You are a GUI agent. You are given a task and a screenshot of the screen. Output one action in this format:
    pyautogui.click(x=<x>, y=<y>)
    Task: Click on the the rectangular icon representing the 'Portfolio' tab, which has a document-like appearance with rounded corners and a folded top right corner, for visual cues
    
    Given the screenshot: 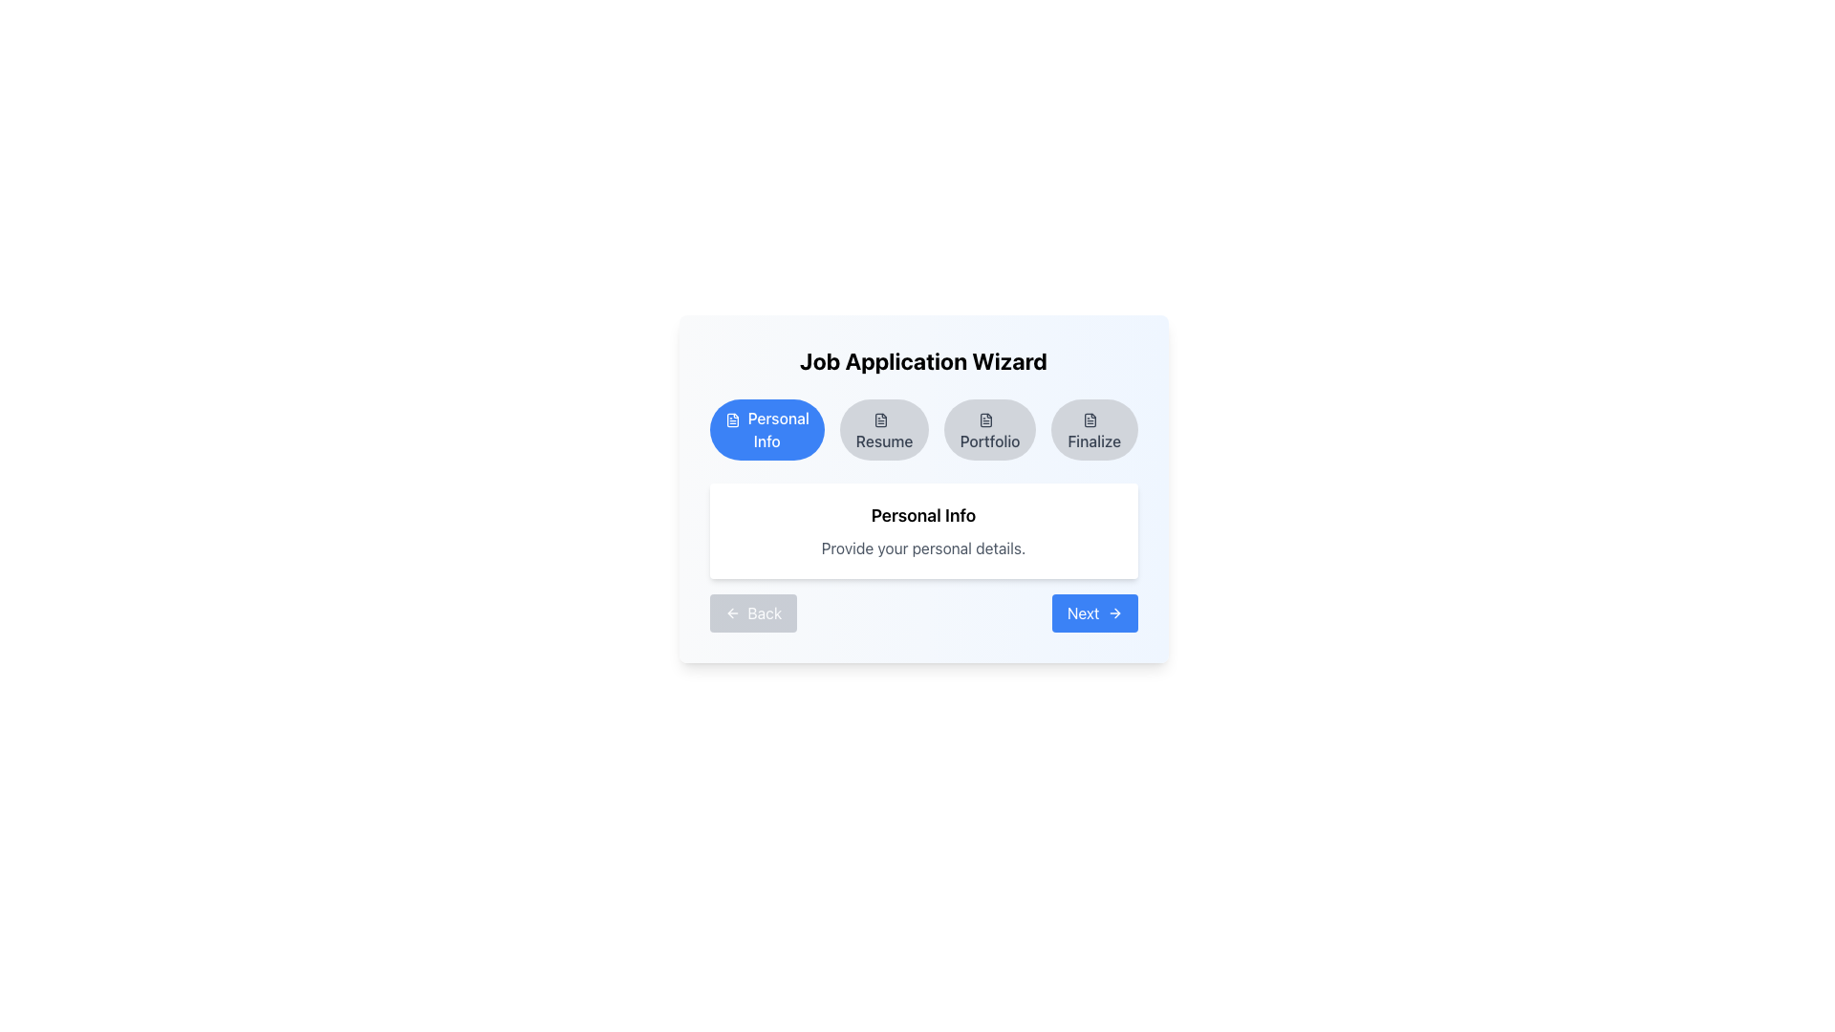 What is the action you would take?
    pyautogui.click(x=986, y=419)
    